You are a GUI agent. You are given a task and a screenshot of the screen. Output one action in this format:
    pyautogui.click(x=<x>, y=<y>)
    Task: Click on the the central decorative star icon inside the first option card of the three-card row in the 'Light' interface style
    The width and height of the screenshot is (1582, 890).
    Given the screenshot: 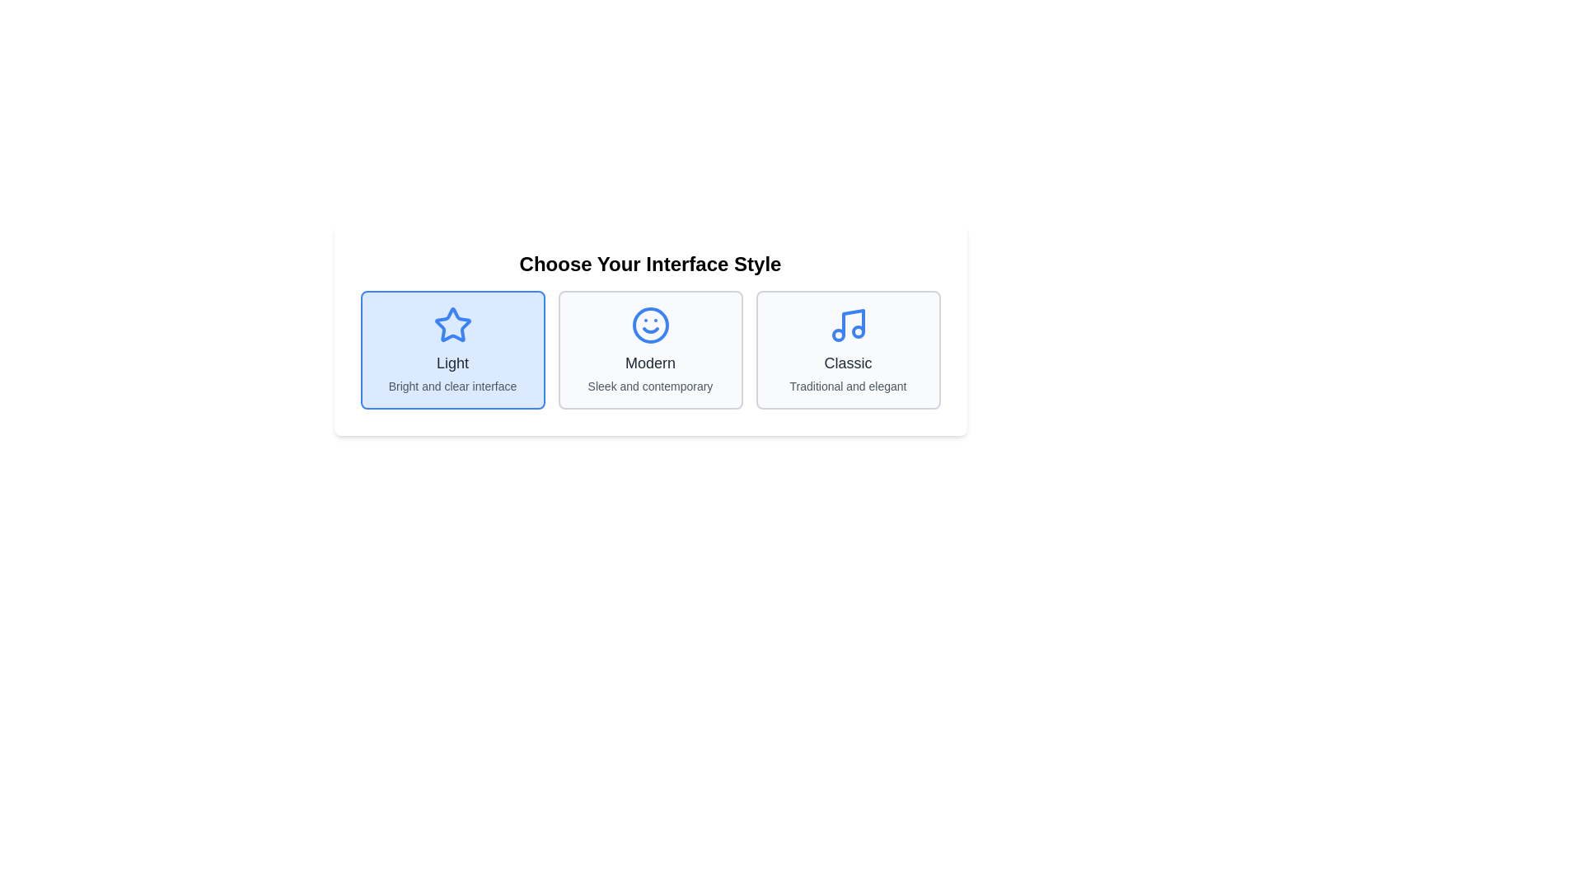 What is the action you would take?
    pyautogui.click(x=452, y=325)
    